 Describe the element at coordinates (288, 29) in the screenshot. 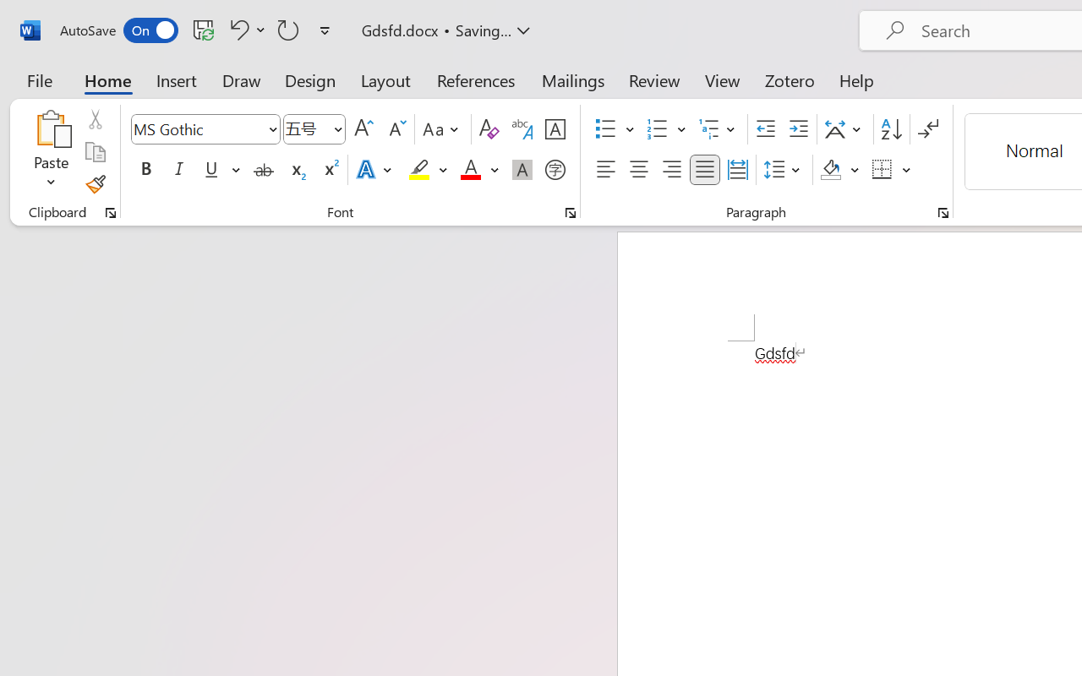

I see `'Repeat Formatting'` at that location.